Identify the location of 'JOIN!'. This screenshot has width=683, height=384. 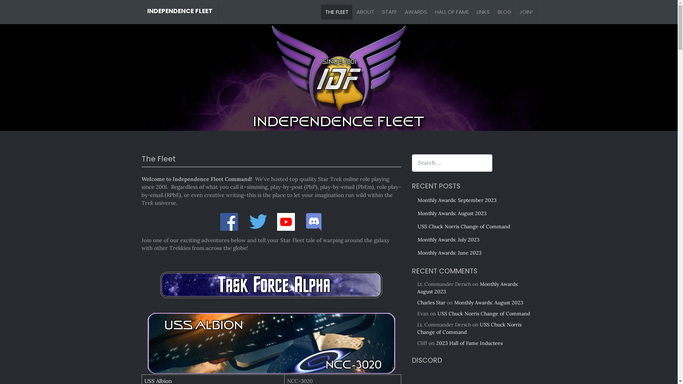
(525, 12).